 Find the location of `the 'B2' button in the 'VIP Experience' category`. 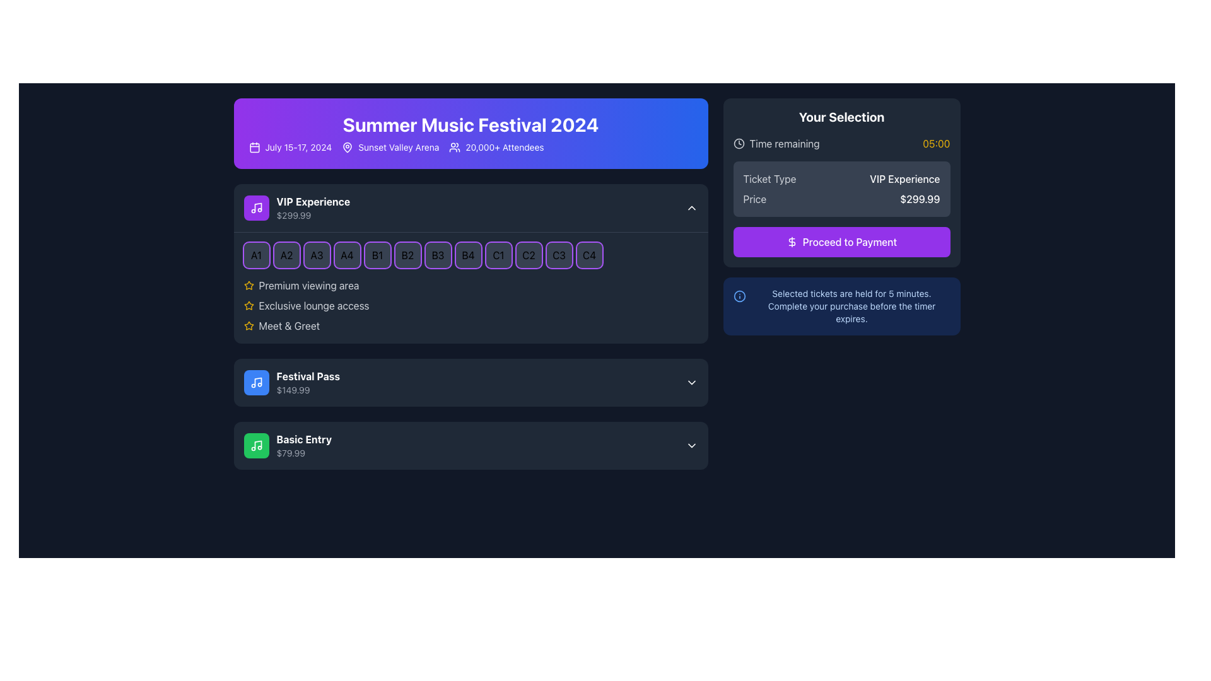

the 'B2' button in the 'VIP Experience' category is located at coordinates (407, 255).